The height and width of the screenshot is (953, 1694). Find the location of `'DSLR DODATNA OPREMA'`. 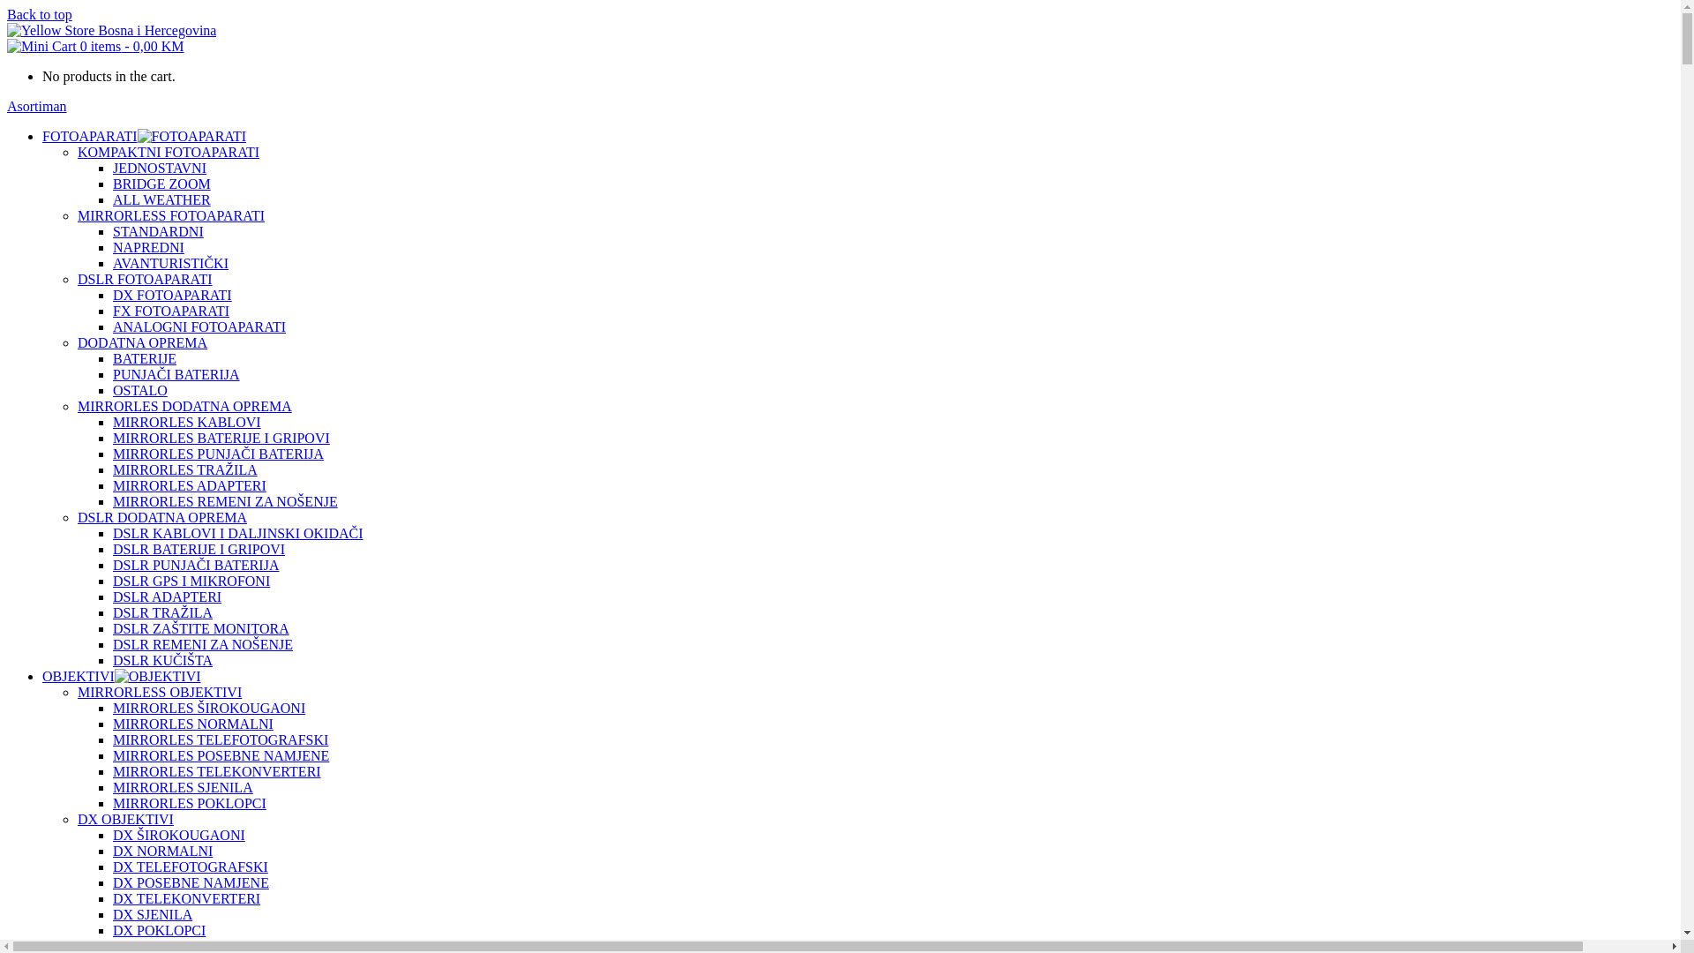

'DSLR DODATNA OPREMA' is located at coordinates (161, 516).